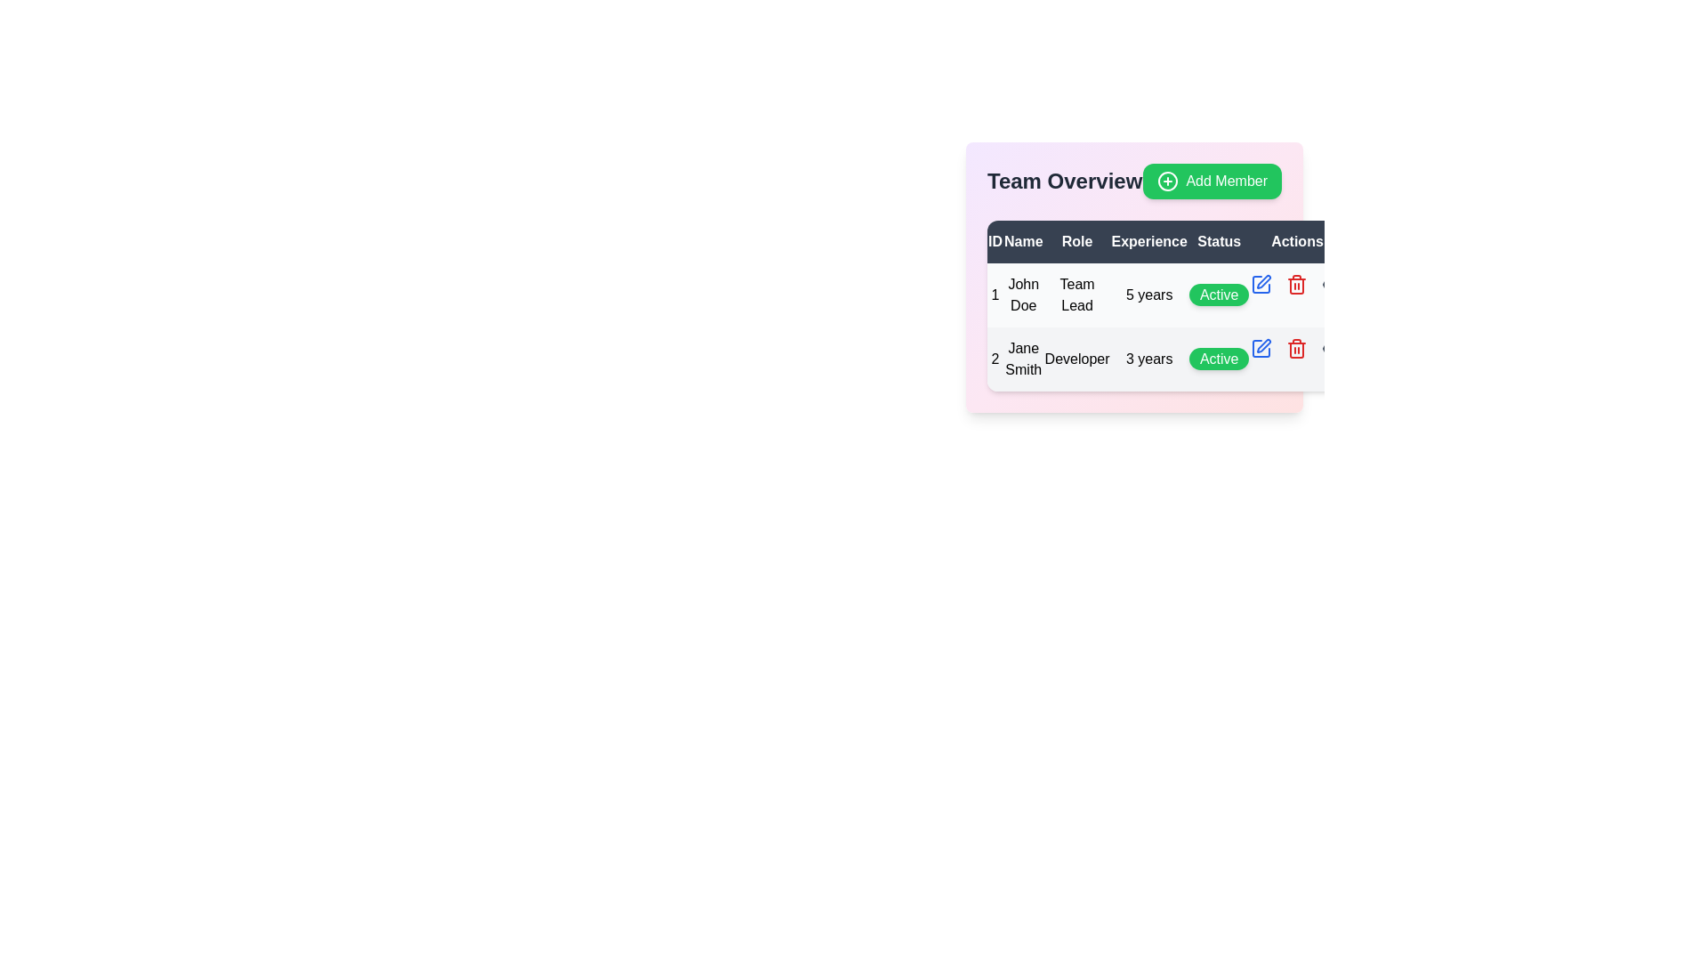 This screenshot has height=961, width=1708. What do you see at coordinates (994, 242) in the screenshot?
I see `the 'ID' header label, which is the first column header in the table with a dark background and white font` at bounding box center [994, 242].